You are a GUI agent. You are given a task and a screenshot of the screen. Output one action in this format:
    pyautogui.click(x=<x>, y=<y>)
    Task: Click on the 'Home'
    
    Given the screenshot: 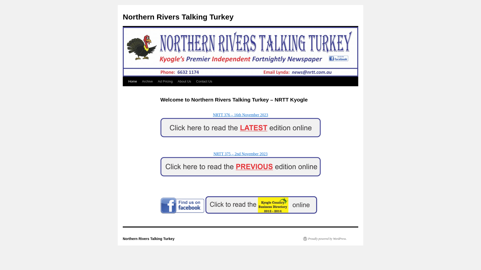 What is the action you would take?
    pyautogui.click(x=133, y=81)
    